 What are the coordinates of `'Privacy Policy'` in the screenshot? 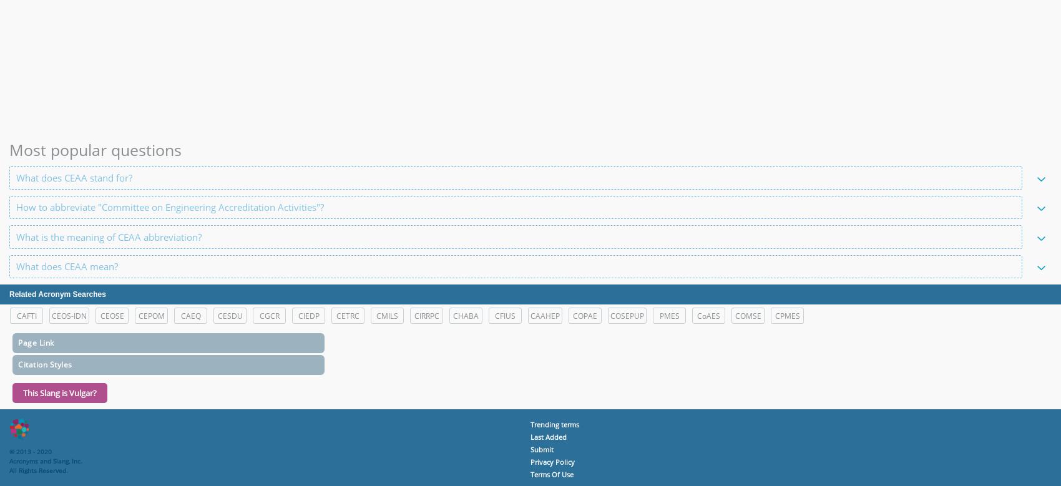 It's located at (552, 461).